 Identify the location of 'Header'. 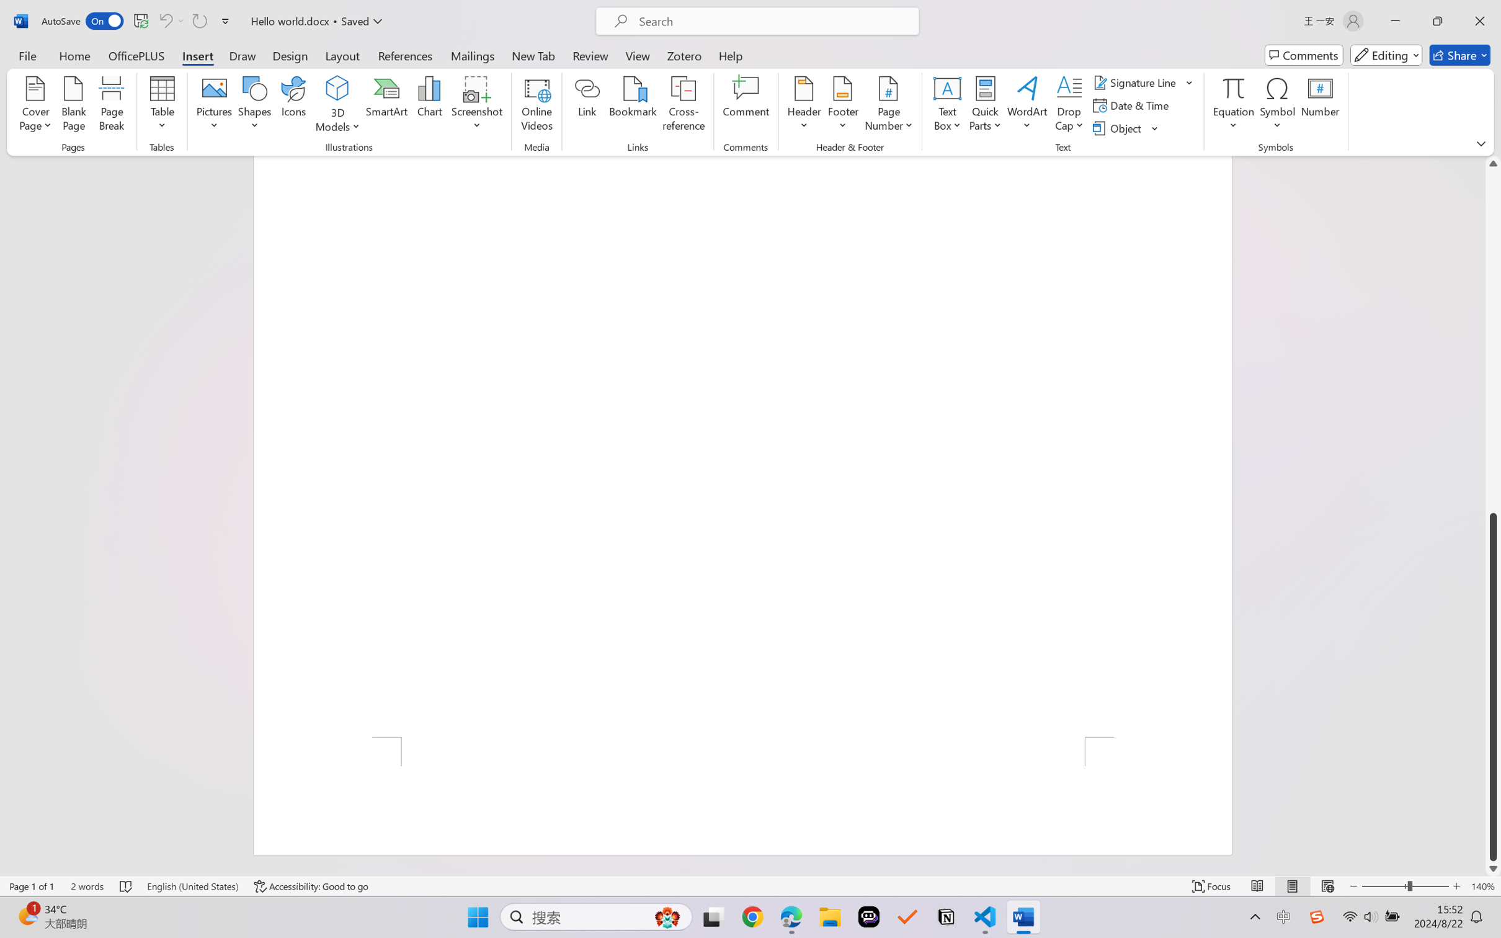
(803, 105).